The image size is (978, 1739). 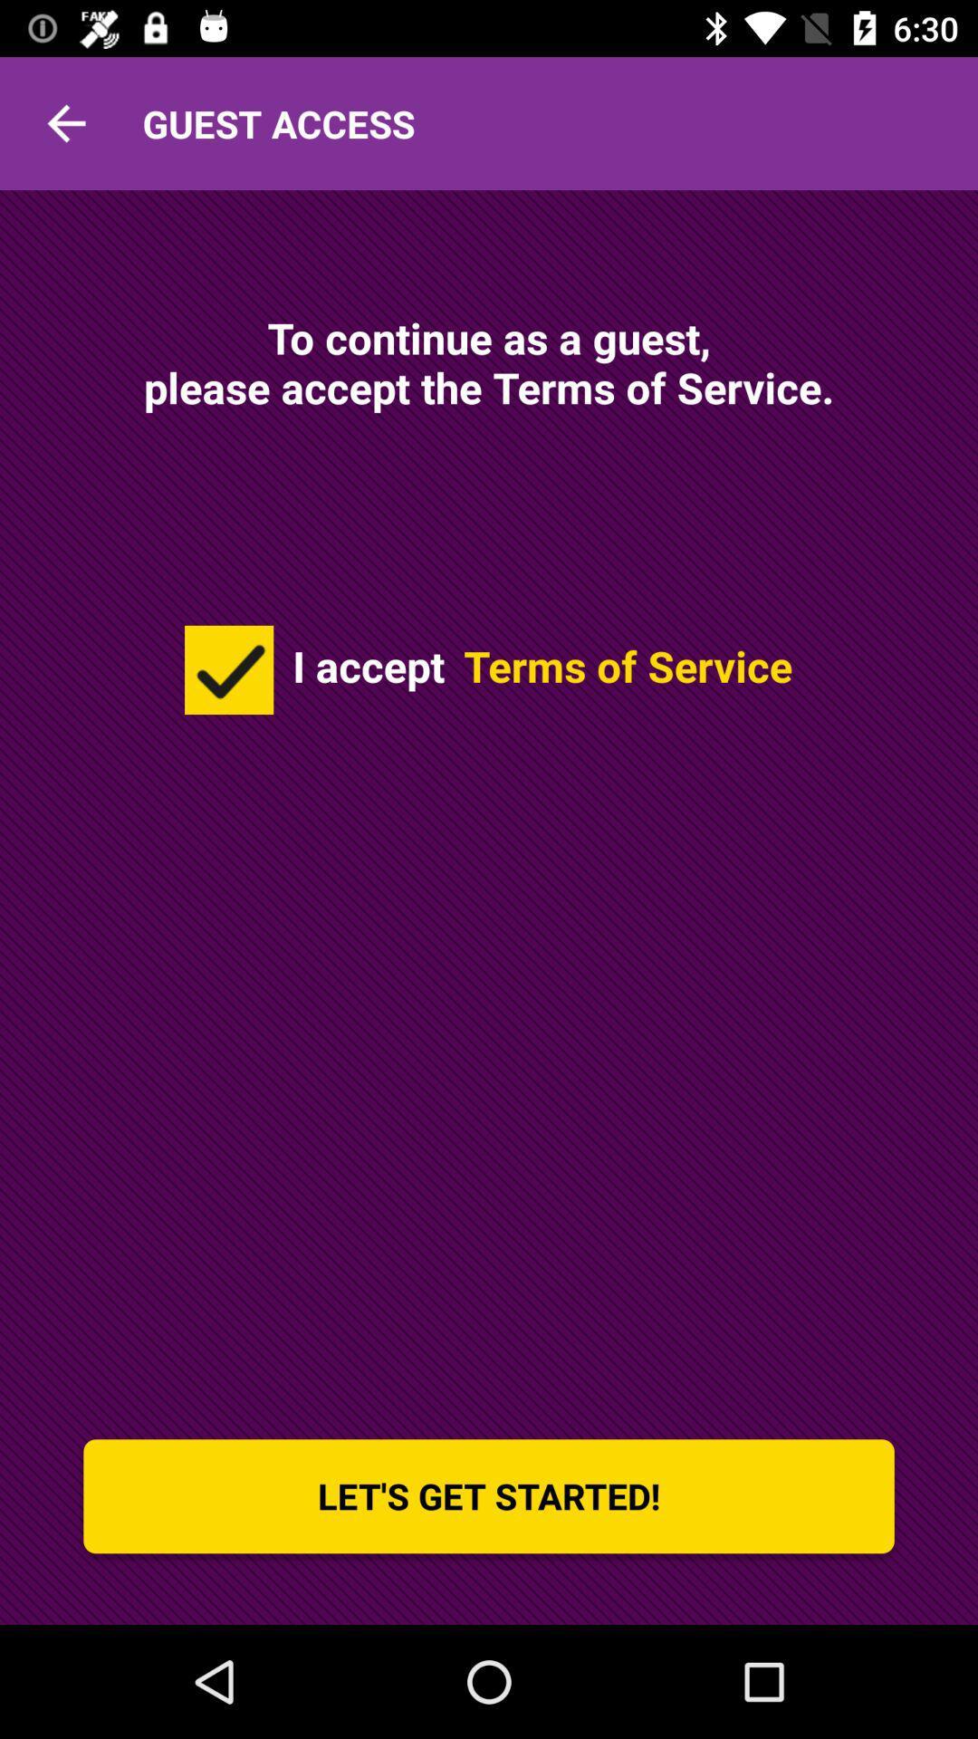 What do you see at coordinates (228, 668) in the screenshot?
I see `terms` at bounding box center [228, 668].